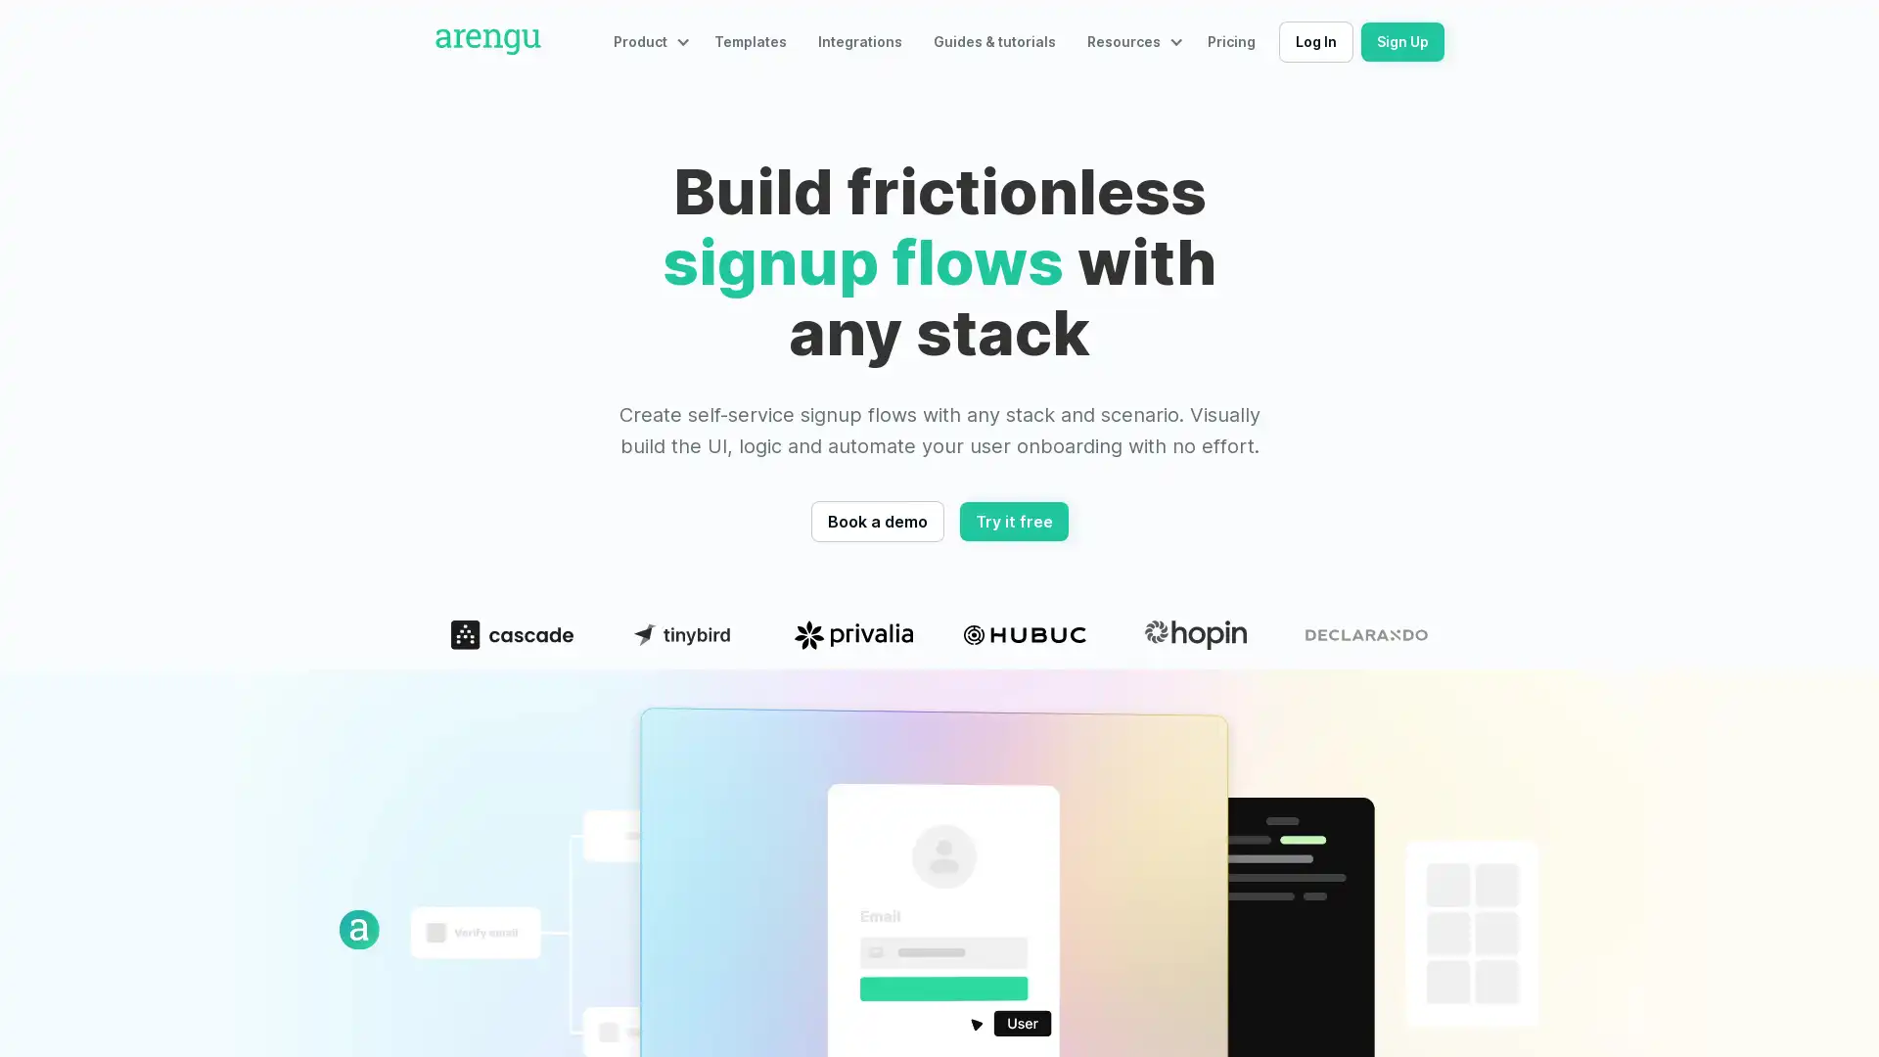 Image resolution: width=1879 pixels, height=1057 pixels. Describe the element at coordinates (150, 951) in the screenshot. I see `learn more about cookies` at that location.